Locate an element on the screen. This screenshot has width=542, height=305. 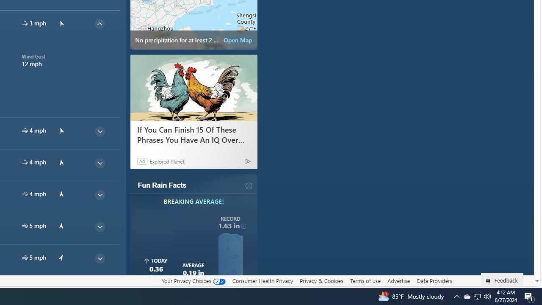
'Consumer Health Privacy' is located at coordinates (262, 281).